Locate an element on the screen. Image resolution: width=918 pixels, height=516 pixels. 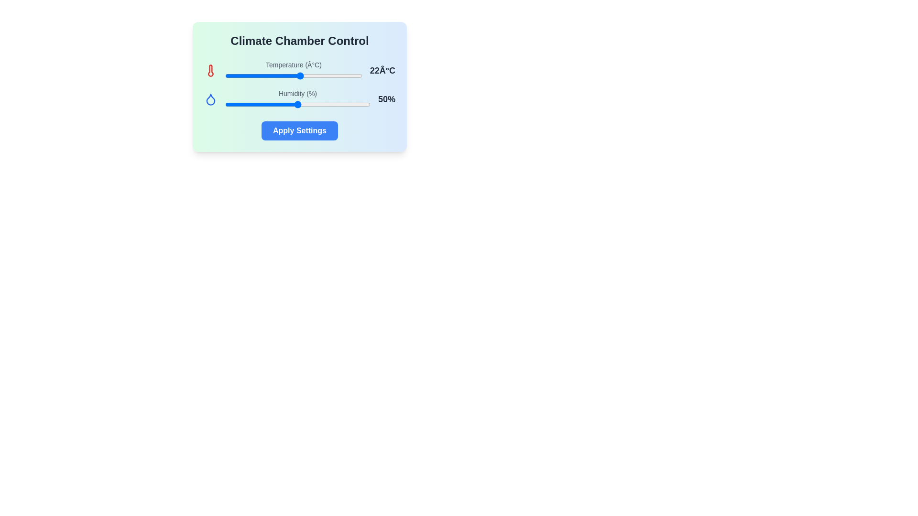
the thermometer icon to inspect it is located at coordinates (210, 70).